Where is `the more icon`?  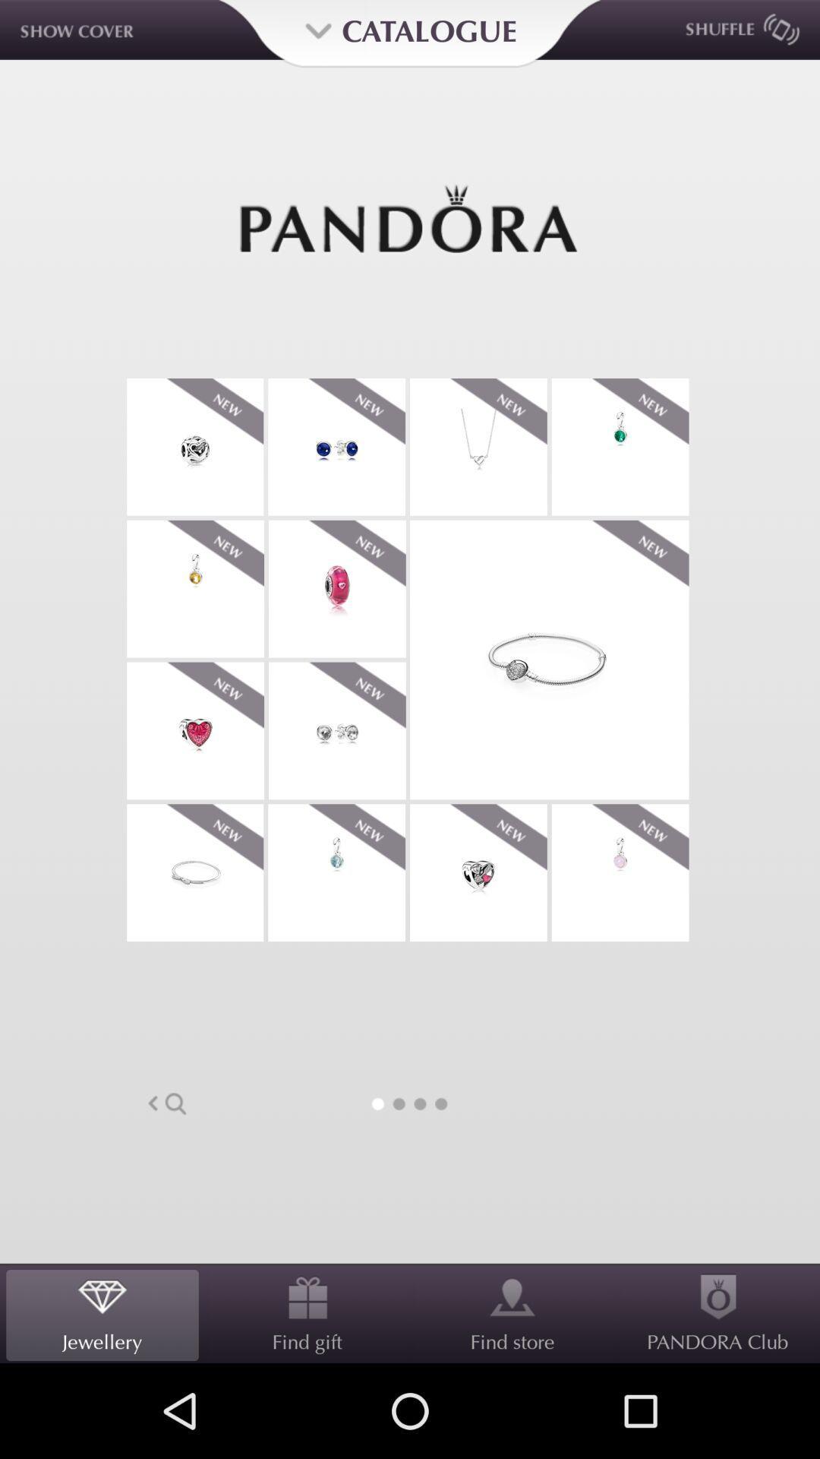 the more icon is located at coordinates (336, 477).